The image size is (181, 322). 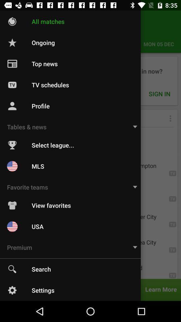 I want to click on the option tv schedules, so click(x=90, y=80).